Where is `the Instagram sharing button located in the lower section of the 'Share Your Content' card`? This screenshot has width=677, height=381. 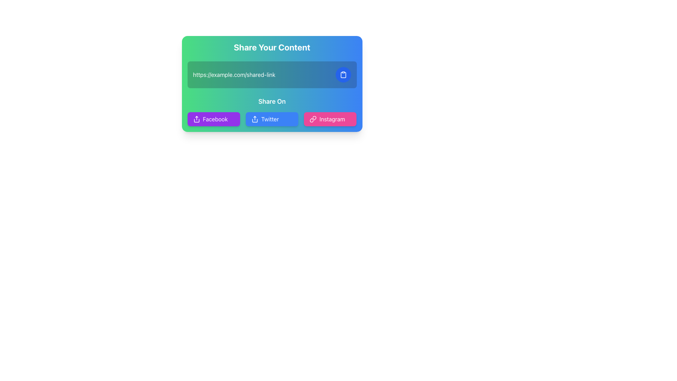 the Instagram sharing button located in the lower section of the 'Share Your Content' card is located at coordinates (330, 119).